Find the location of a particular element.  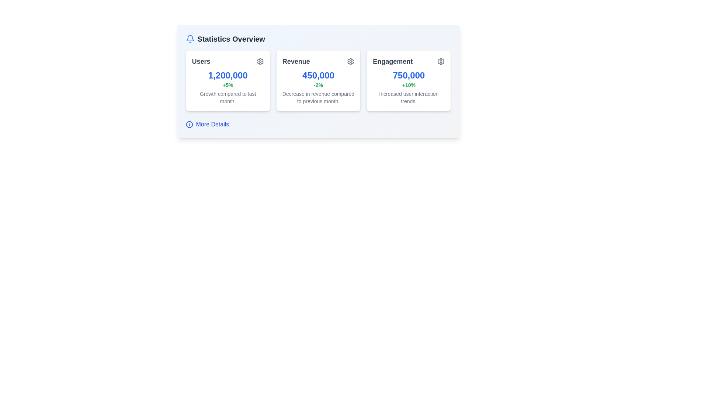

the Text Label displaying the percentage decrease in revenue is located at coordinates (318, 85).